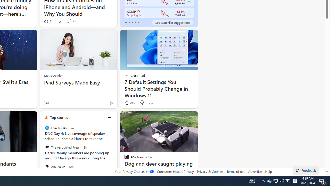 Image resolution: width=330 pixels, height=186 pixels. I want to click on 'ABC News', so click(47, 166).